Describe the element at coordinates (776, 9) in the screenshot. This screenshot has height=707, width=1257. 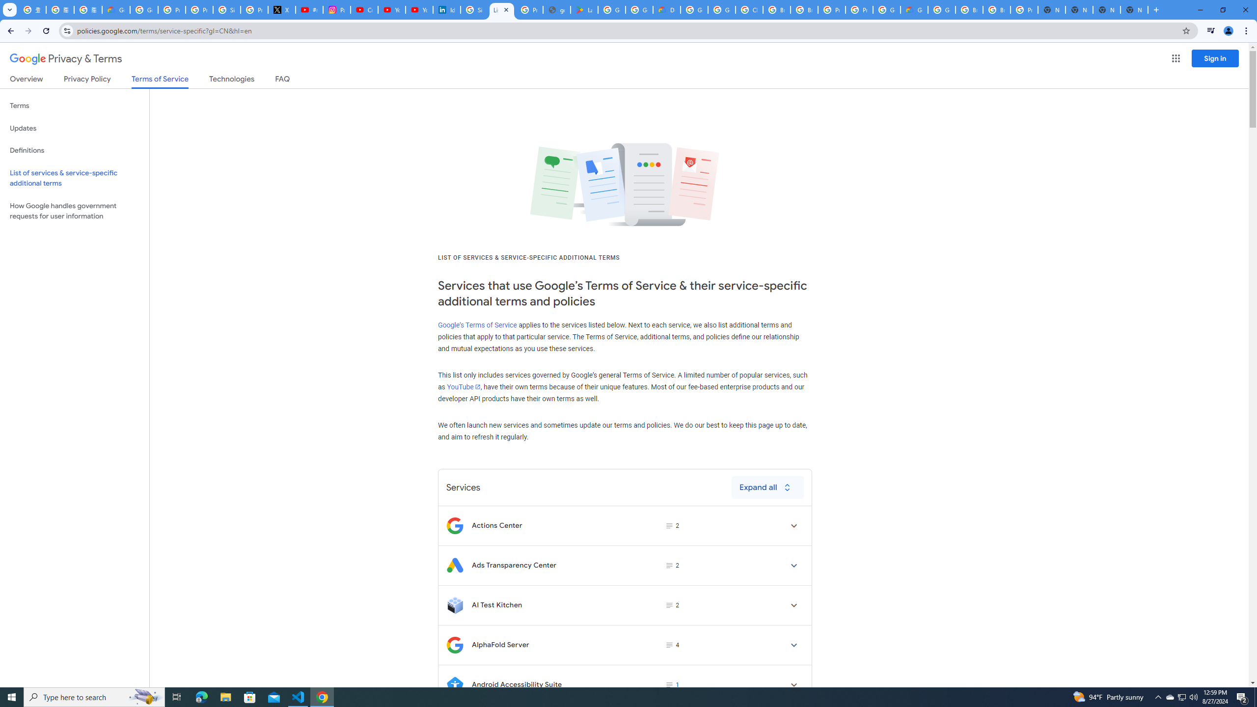
I see `'Browse Chrome as a guest - Computer - Google Chrome Help'` at that location.